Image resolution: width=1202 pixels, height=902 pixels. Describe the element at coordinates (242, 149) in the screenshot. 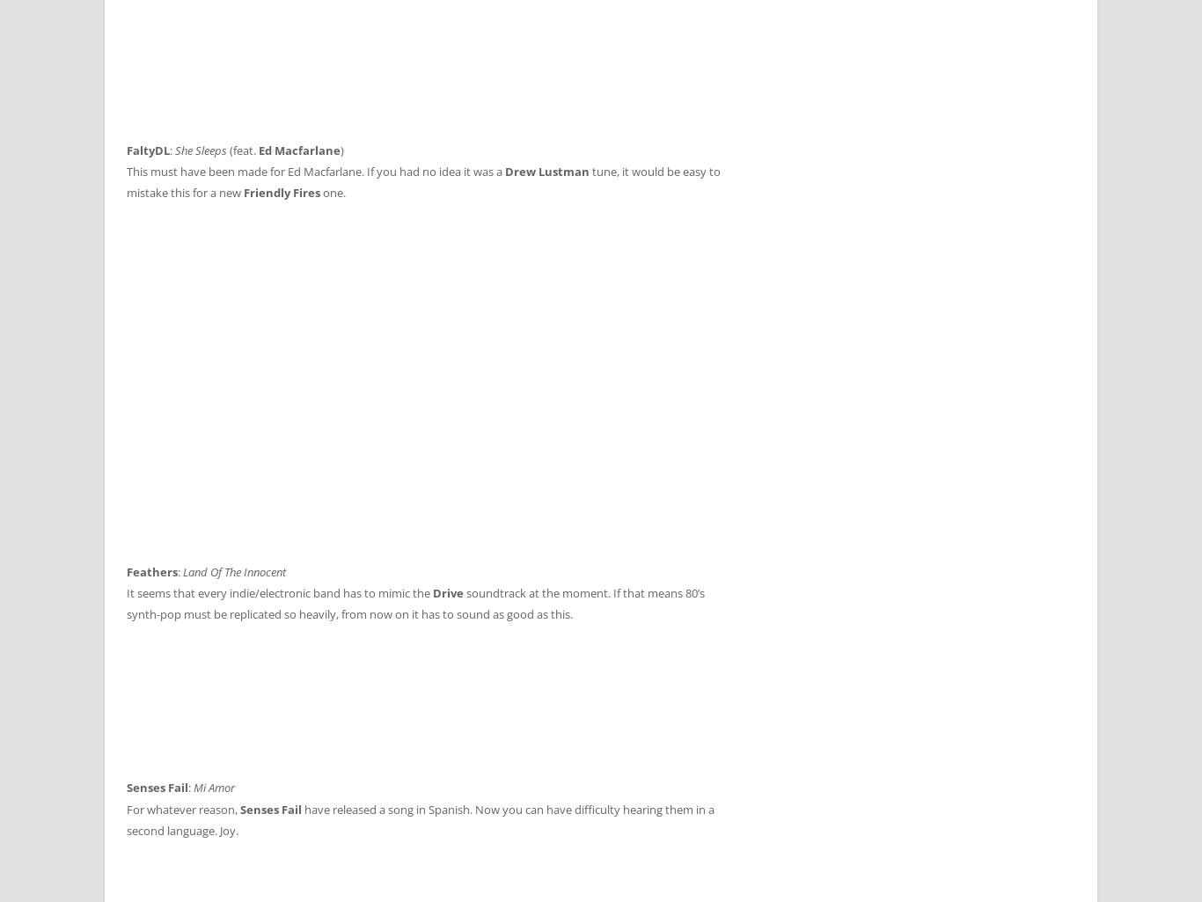

I see `'(feat.'` at that location.